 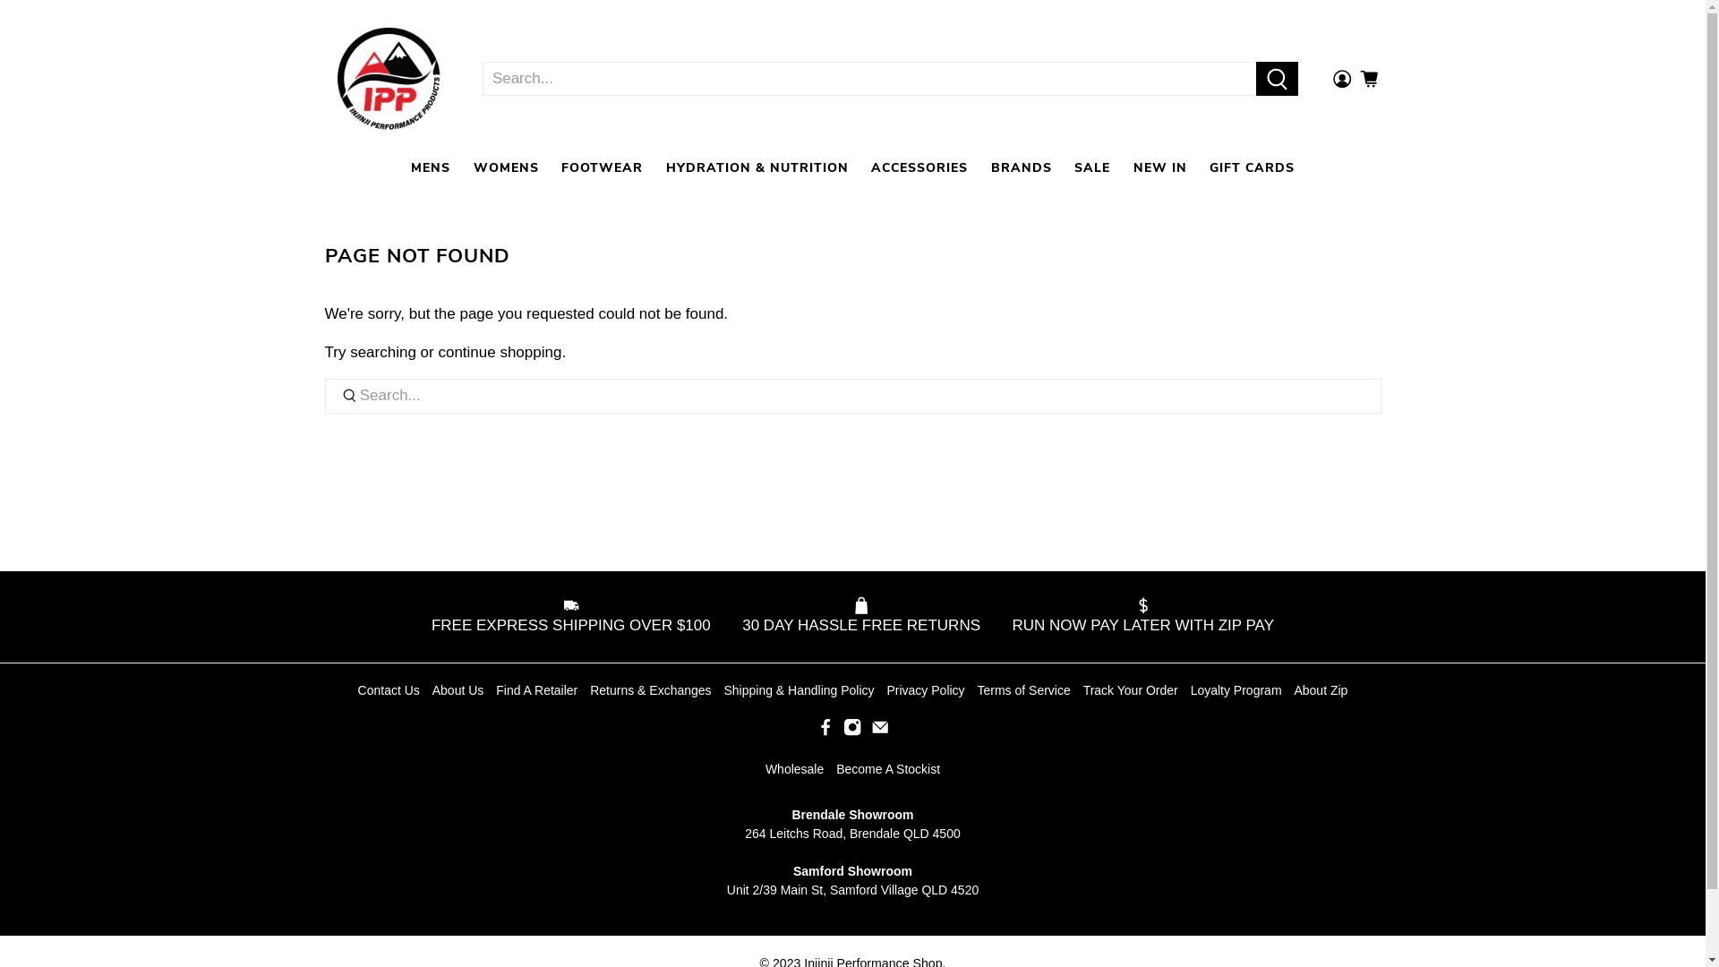 I want to click on '30 DAY HASSLE FREE RETURNS', so click(x=860, y=616).